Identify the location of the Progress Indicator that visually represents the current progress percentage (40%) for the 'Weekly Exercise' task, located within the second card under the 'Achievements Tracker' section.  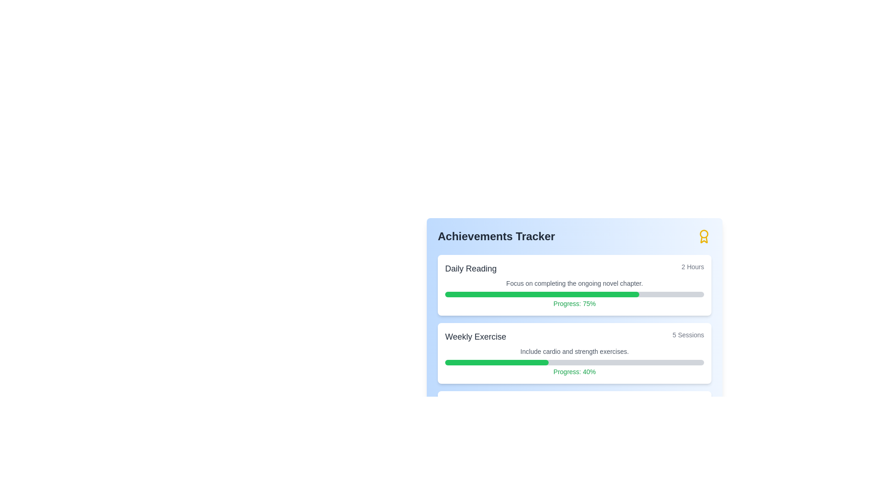
(496, 362).